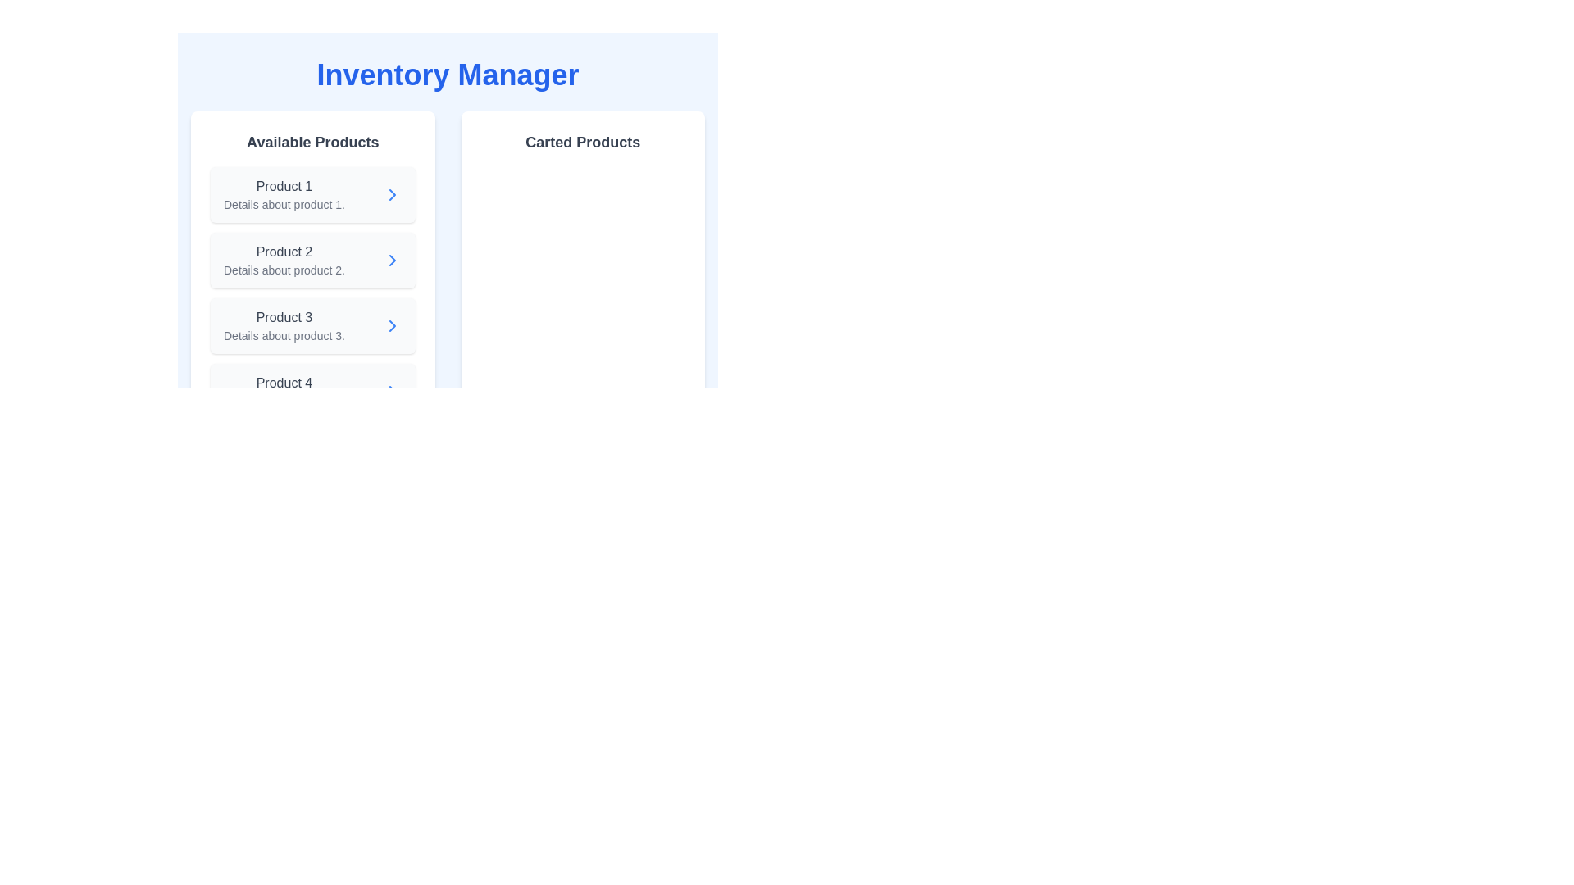 The image size is (1574, 885). I want to click on the static text component presenting information about 'Product 4', which is the fourth entry in the 'Available Products' section, located below 'Product 3', so click(284, 392).